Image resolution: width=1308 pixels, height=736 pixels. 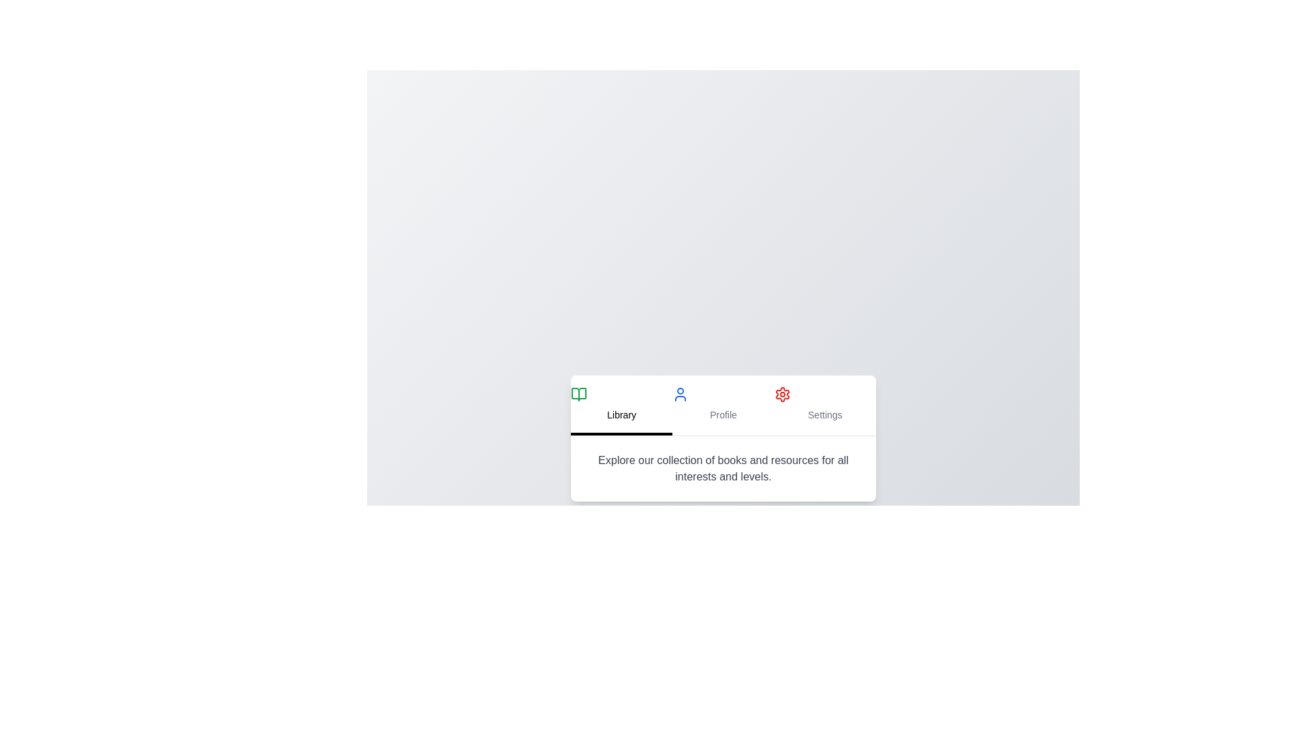 What do you see at coordinates (681, 394) in the screenshot?
I see `the tab icon for Profile` at bounding box center [681, 394].